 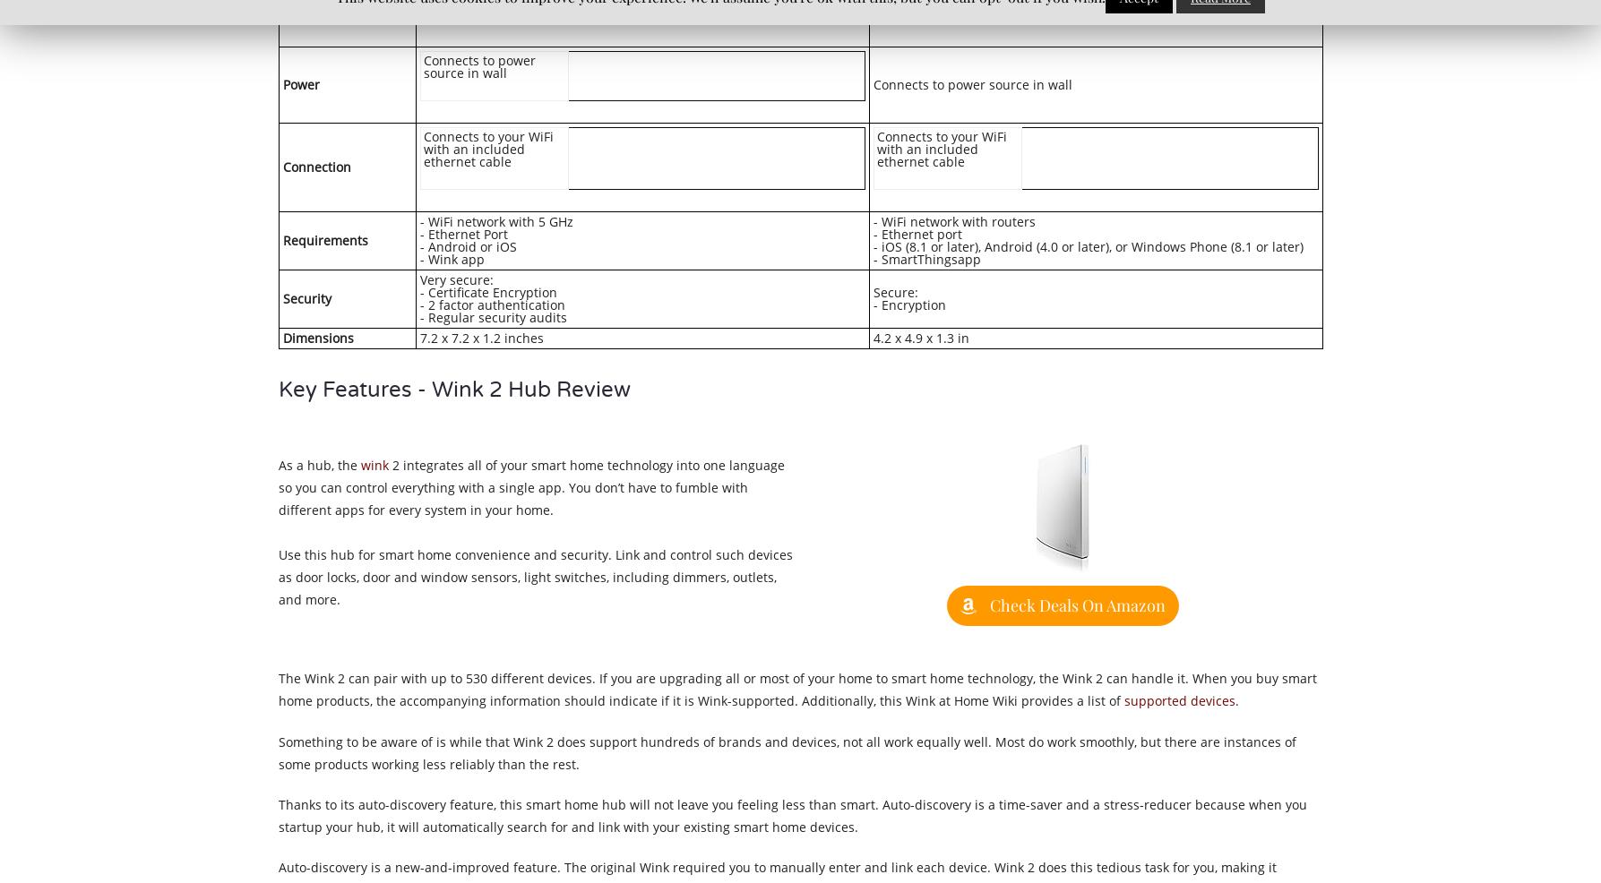 I want to click on '- Ethernet Port', so click(x=464, y=233).